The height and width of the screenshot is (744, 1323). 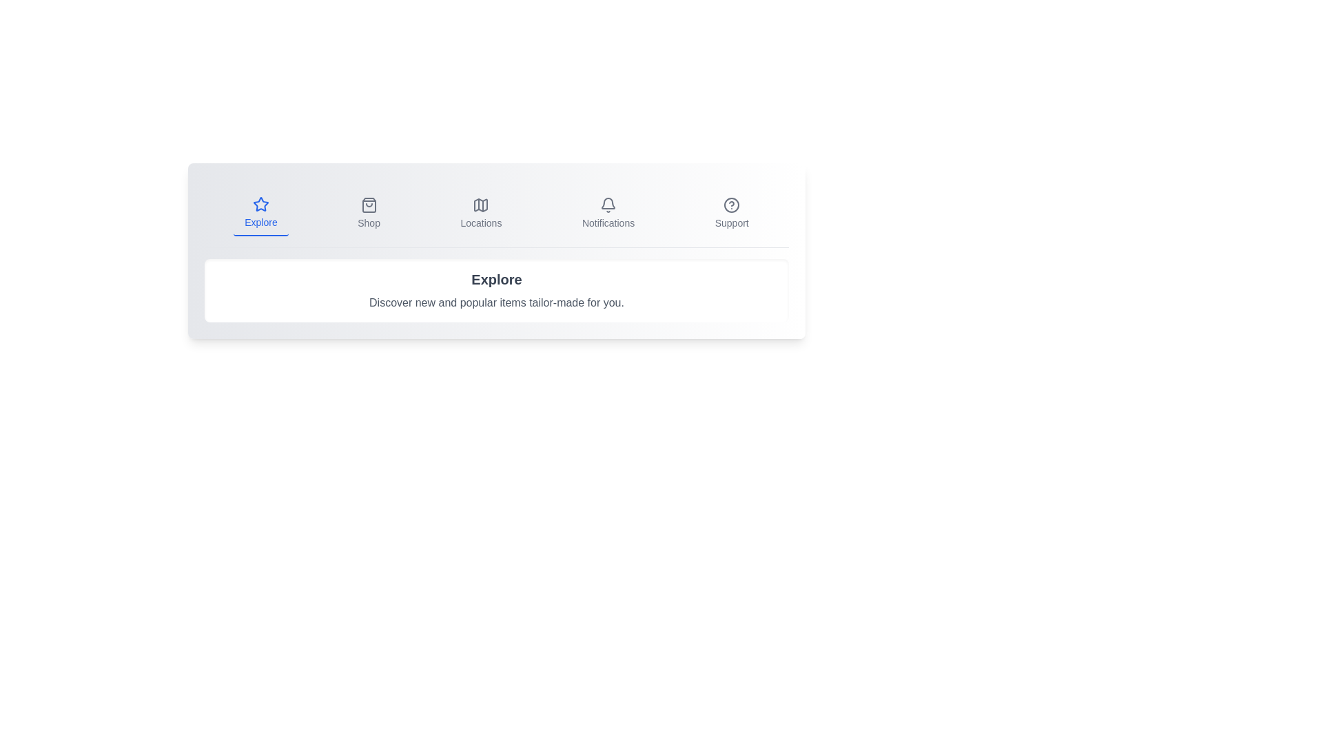 I want to click on the bell icon, so click(x=608, y=205).